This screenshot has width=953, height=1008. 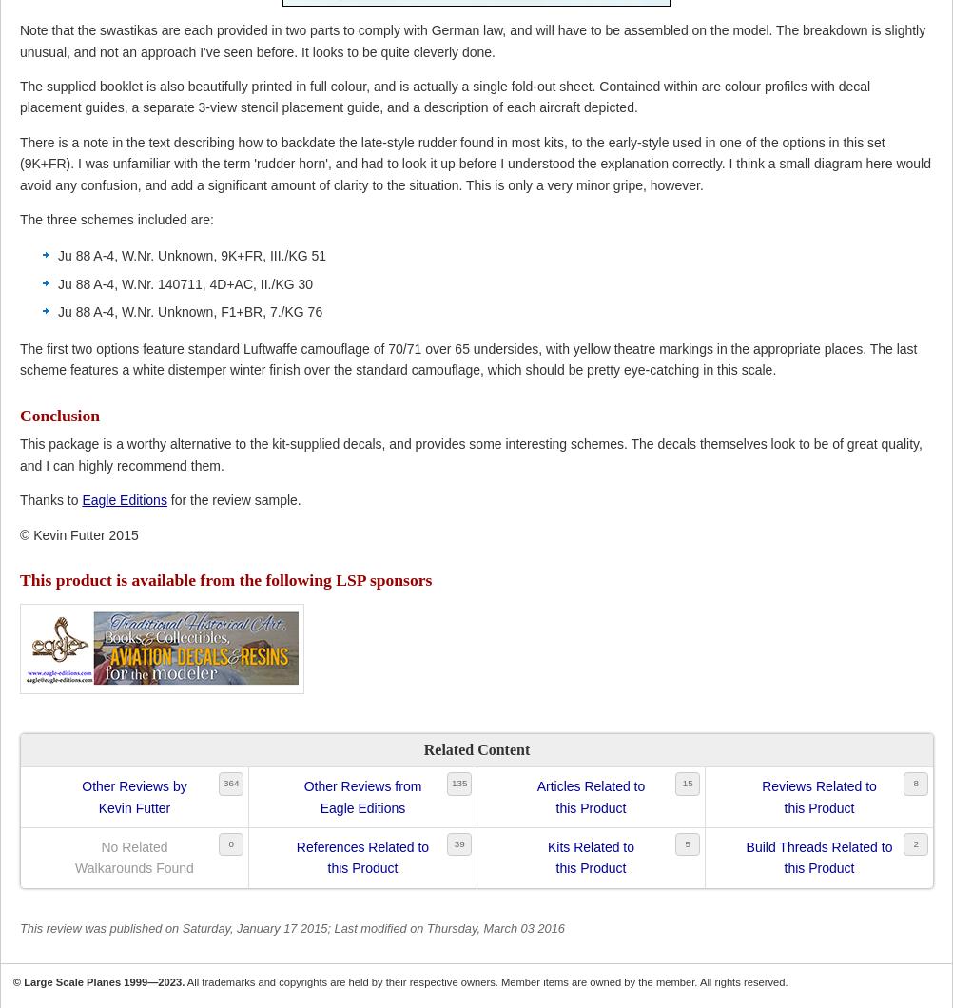 I want to click on 'Ju 88 A-4, W.Nr. Unknown, F1+BR, 7./KG 76', so click(x=58, y=311).